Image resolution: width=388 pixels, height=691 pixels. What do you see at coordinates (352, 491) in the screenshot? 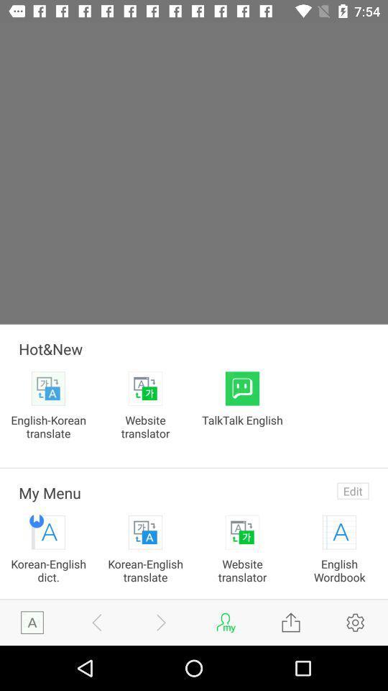
I see `item next to the my menu` at bounding box center [352, 491].